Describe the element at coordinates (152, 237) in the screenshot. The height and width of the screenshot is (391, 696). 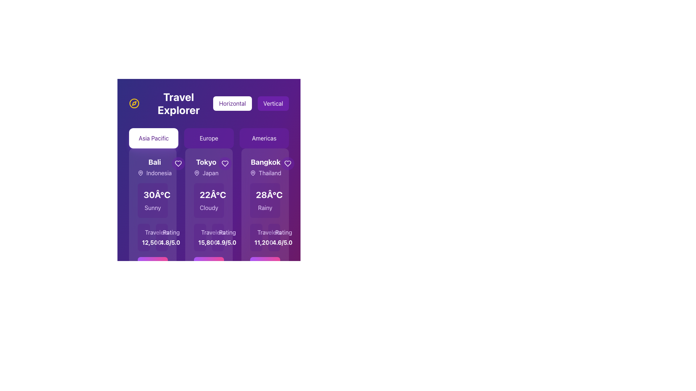
I see `the informational label displaying the number of travelers for 'Bali, Indonesia', located in the bottom left quadrant of the card, directly below the temperature and weather section` at that location.